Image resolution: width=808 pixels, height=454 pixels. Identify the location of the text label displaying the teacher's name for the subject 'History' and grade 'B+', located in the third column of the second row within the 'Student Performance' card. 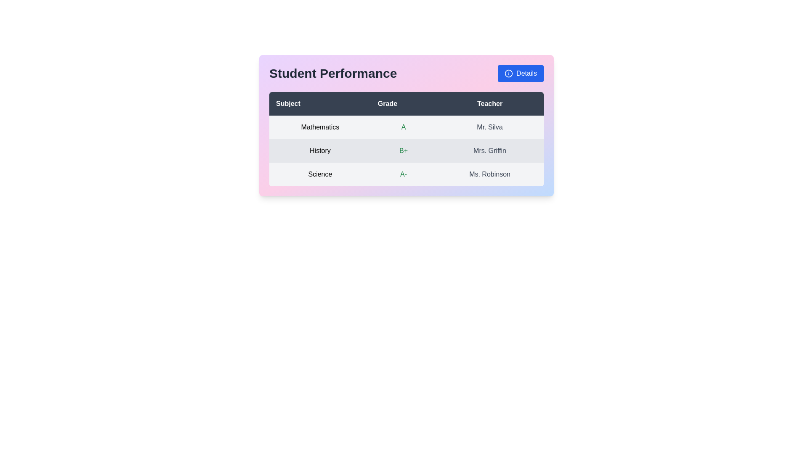
(490, 150).